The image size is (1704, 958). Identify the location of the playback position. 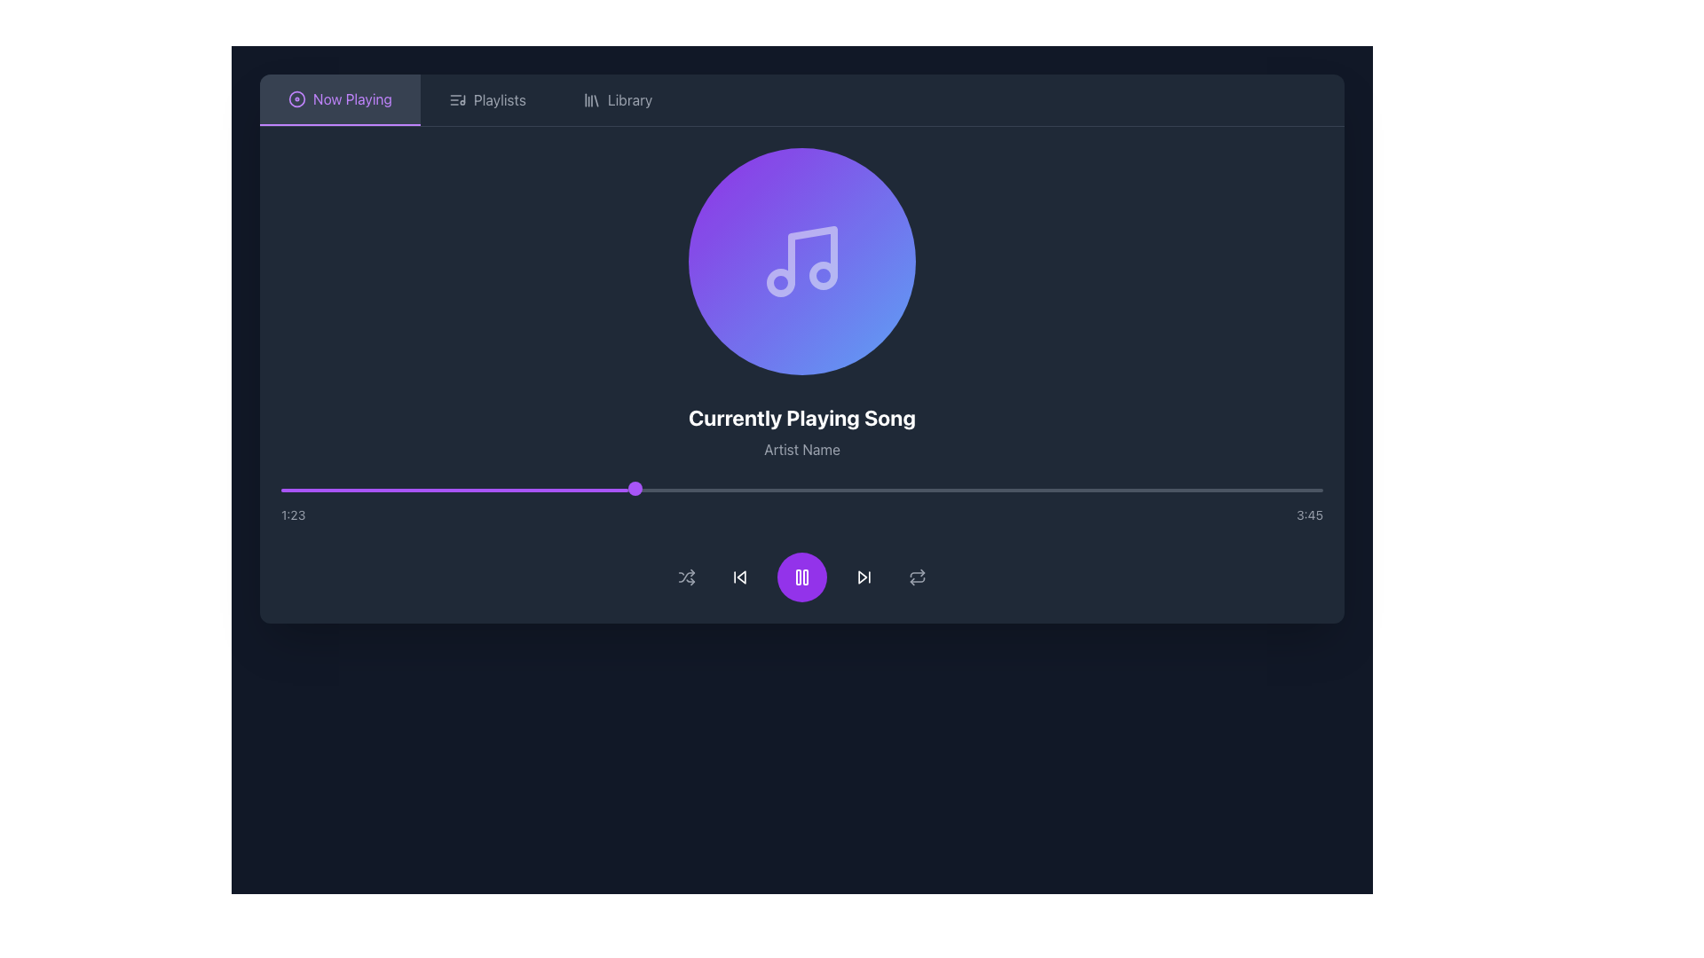
(572, 490).